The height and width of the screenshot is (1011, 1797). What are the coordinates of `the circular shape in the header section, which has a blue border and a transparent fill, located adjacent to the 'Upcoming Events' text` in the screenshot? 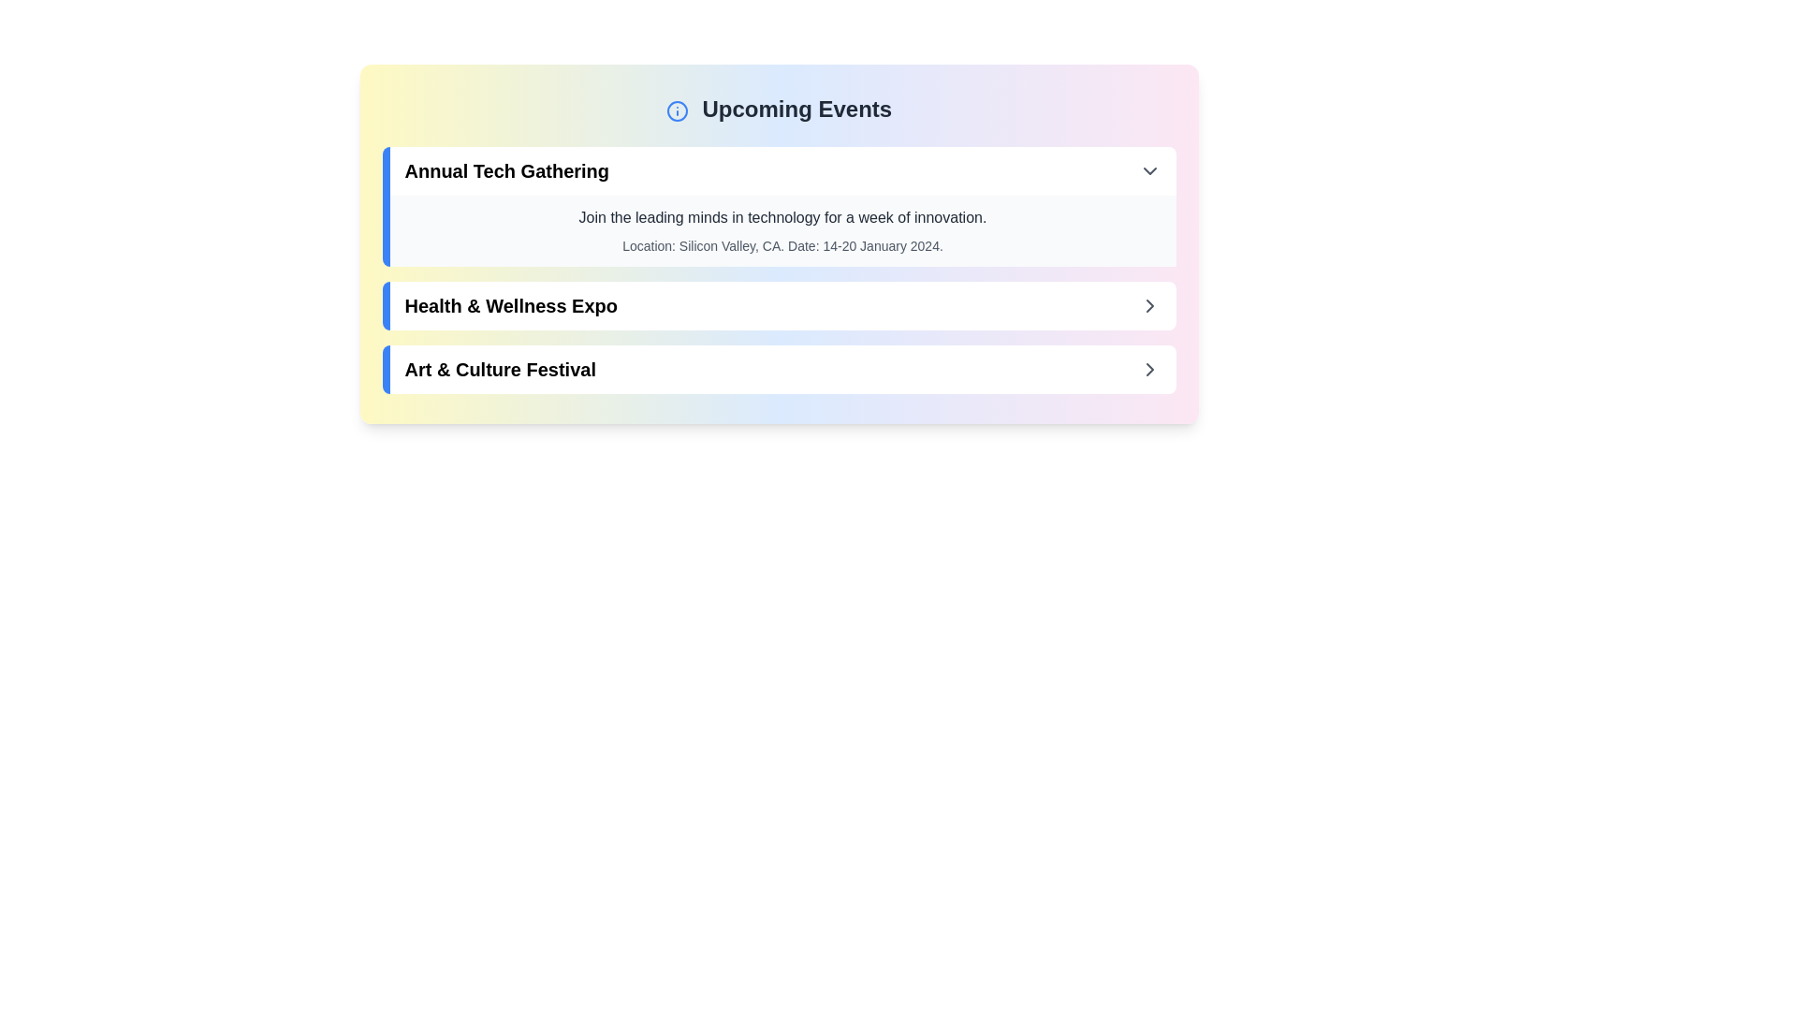 It's located at (676, 110).